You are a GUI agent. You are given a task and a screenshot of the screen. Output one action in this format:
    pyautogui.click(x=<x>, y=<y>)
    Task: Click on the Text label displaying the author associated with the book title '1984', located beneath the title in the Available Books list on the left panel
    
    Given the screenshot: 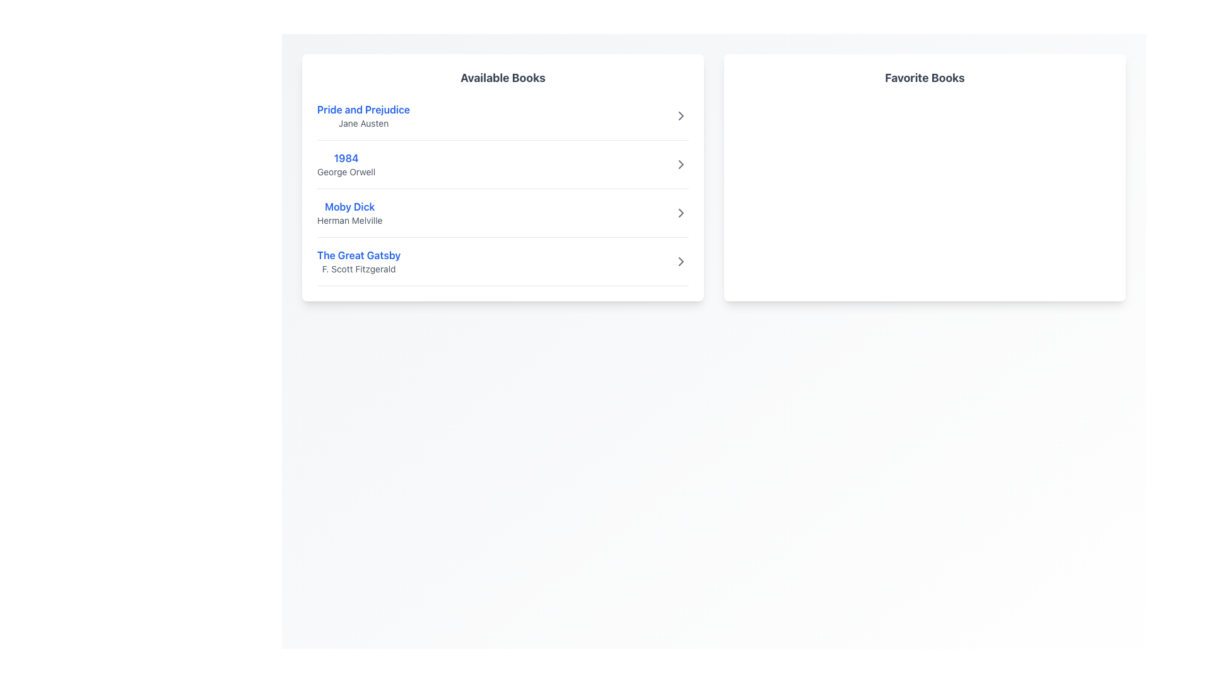 What is the action you would take?
    pyautogui.click(x=346, y=172)
    